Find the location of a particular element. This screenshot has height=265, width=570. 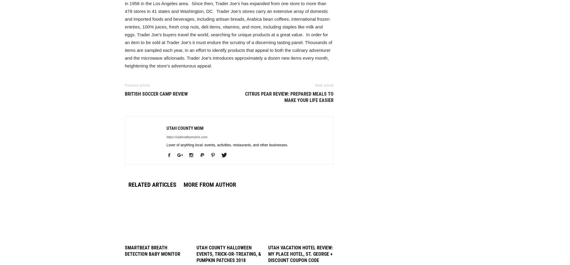

'MORE FROM AUTHOR' is located at coordinates (183, 184).